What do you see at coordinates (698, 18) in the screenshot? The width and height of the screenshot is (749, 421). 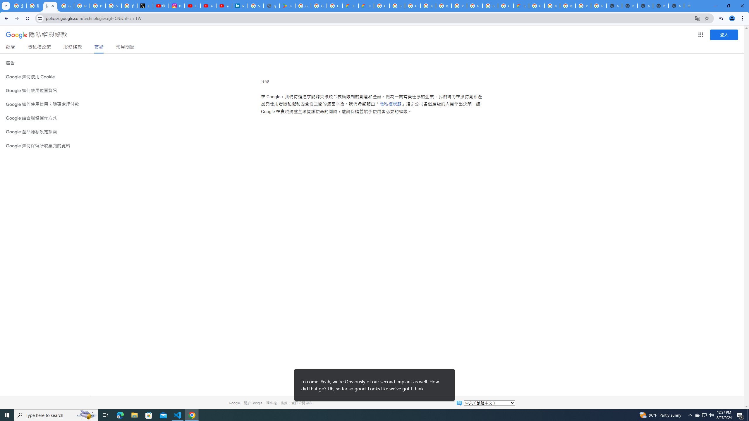 I see `'Translate this page'` at bounding box center [698, 18].